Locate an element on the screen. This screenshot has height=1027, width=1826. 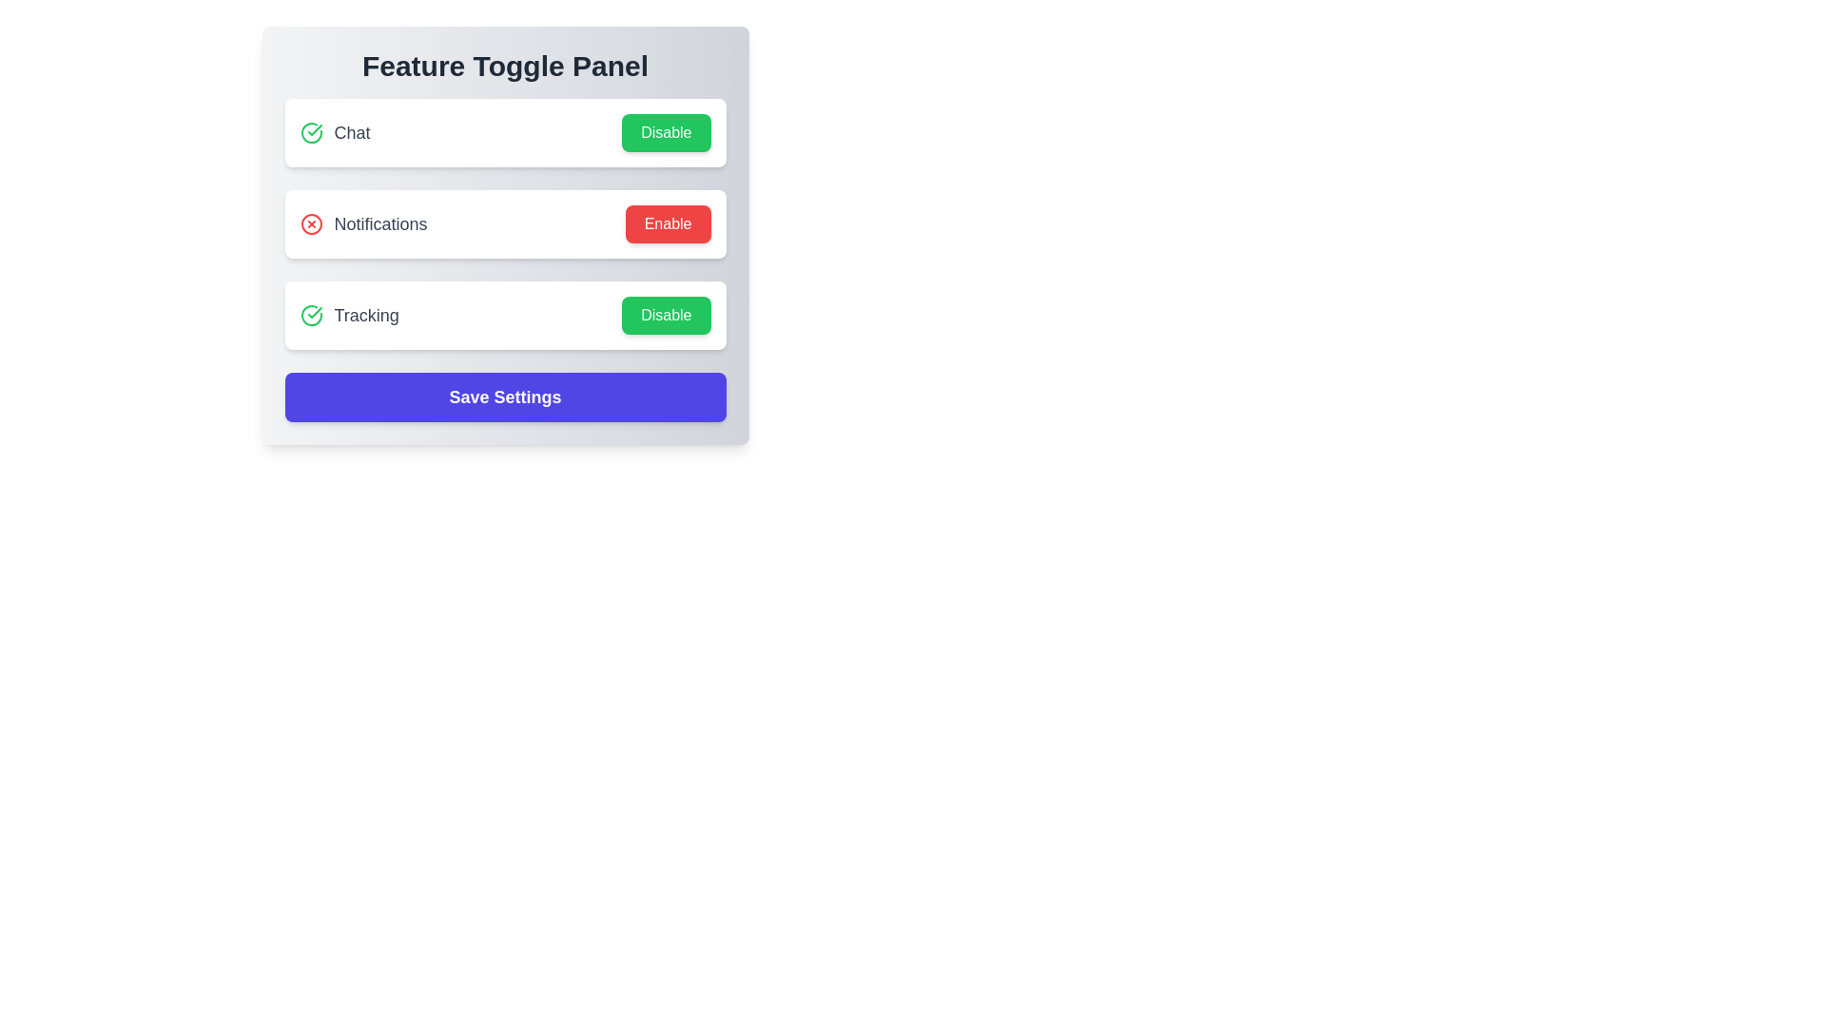
the 'Save Settings' button to save the current feature settings is located at coordinates (505, 396).